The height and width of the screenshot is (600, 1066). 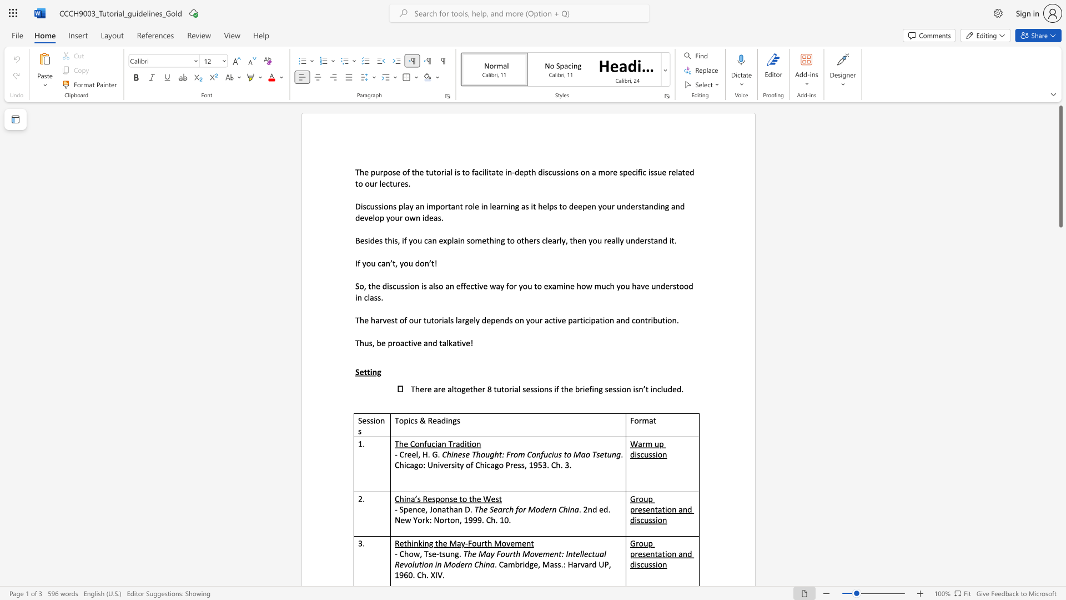 What do you see at coordinates (1060, 372) in the screenshot?
I see `the scrollbar to move the page down` at bounding box center [1060, 372].